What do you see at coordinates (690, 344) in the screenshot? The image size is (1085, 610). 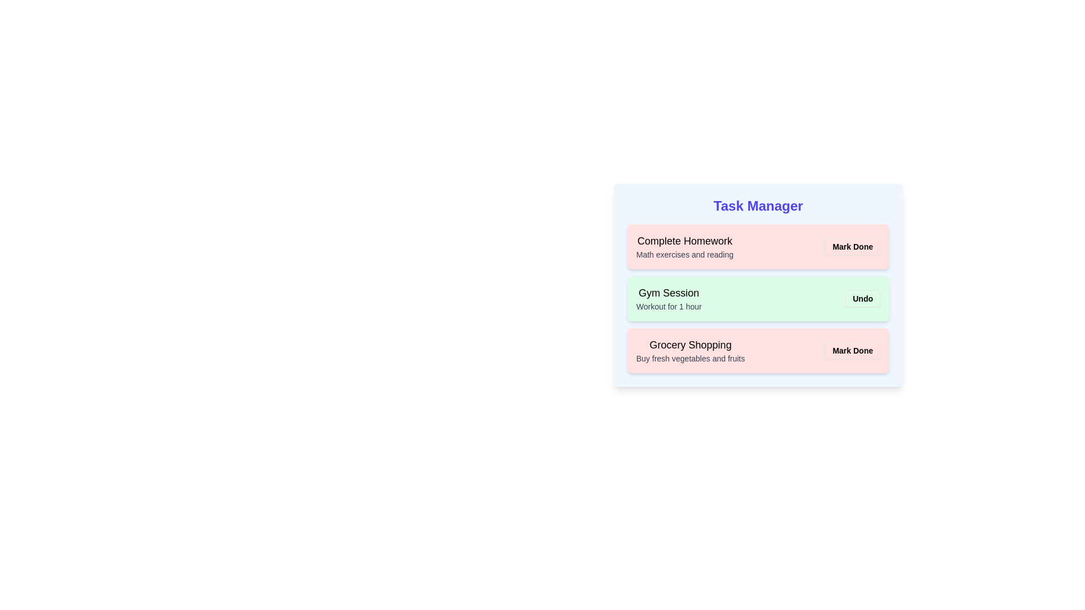 I see `the task title Grocery Shopping in the task list` at bounding box center [690, 344].